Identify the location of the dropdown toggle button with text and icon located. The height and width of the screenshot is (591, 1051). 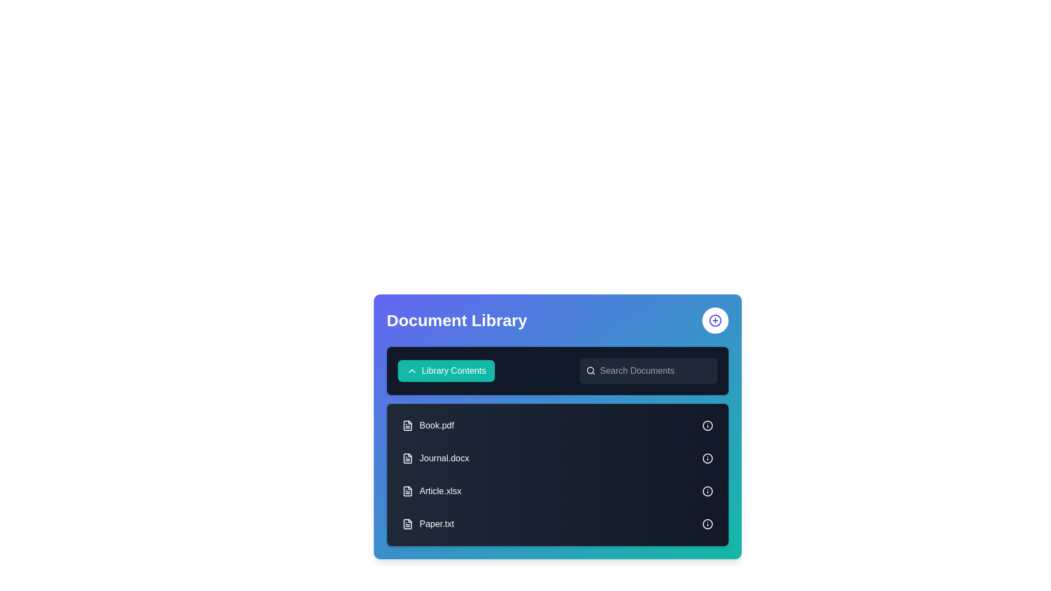
(446, 370).